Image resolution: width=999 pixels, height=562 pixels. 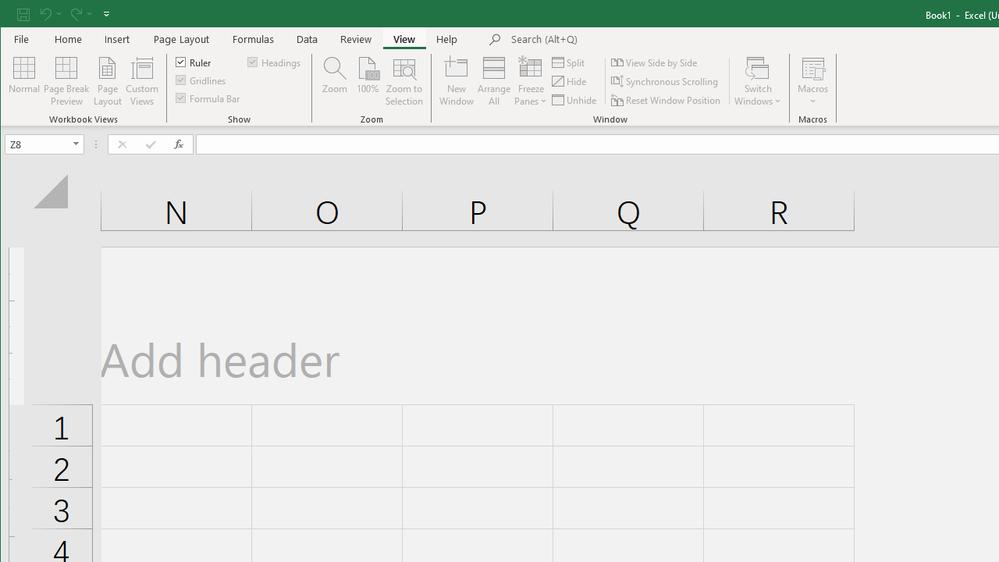 I want to click on 'Help', so click(x=446, y=38).